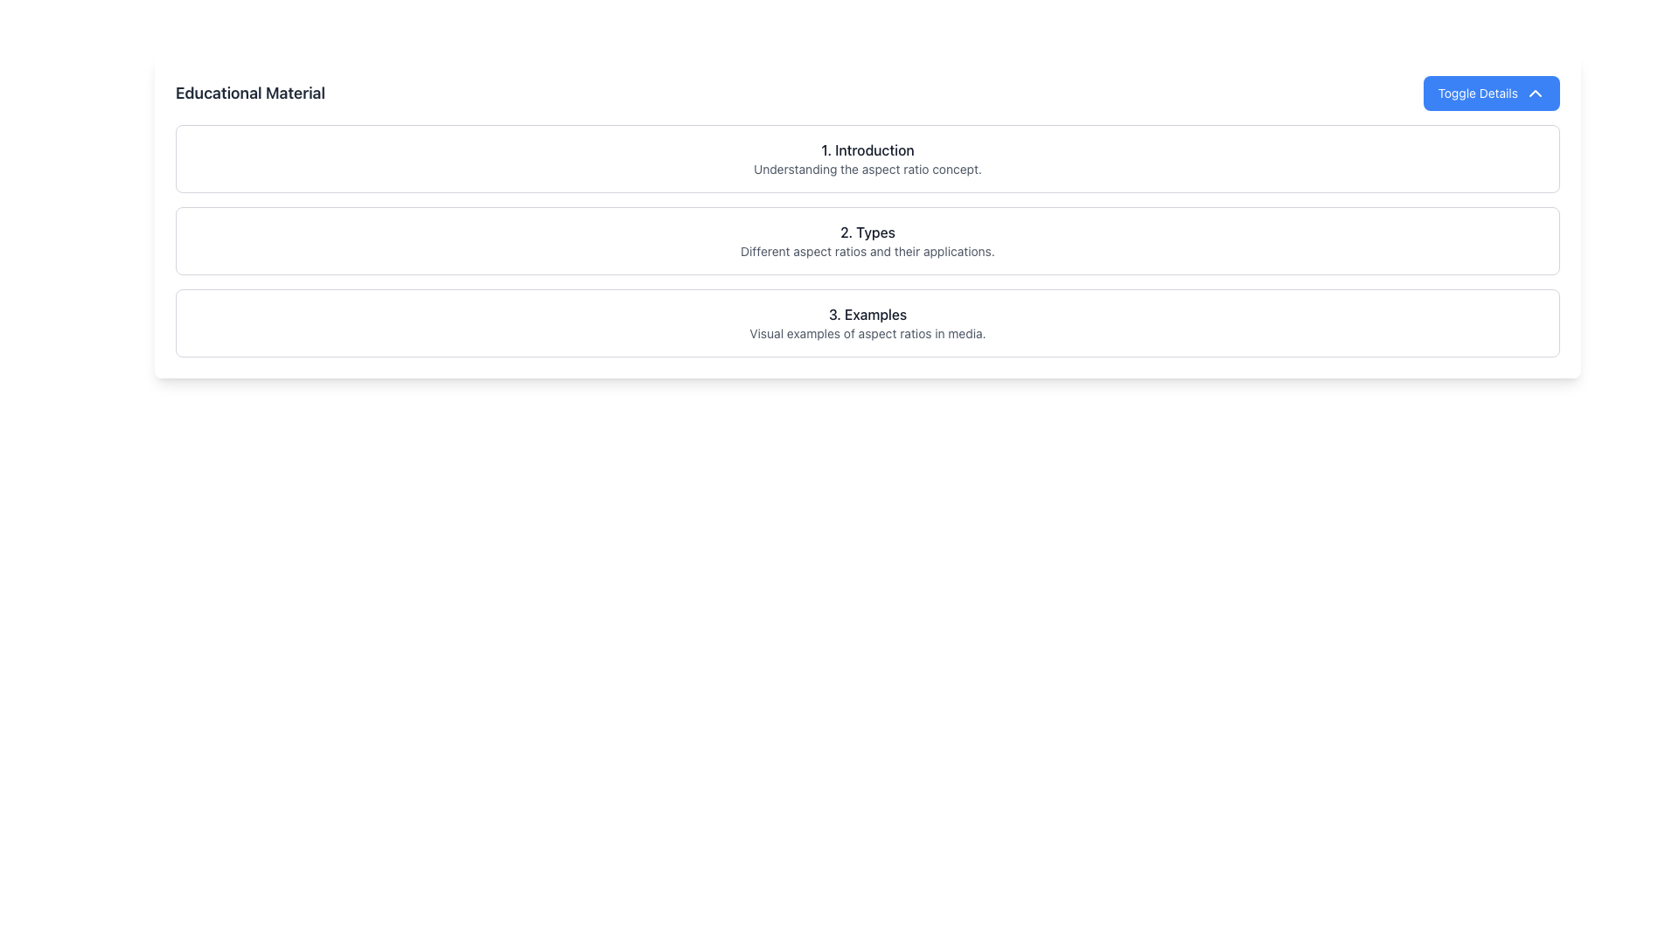  I want to click on the text block titled '2. Types' which includes the subtitle 'Different aspect ratios and their applications.', so click(867, 241).